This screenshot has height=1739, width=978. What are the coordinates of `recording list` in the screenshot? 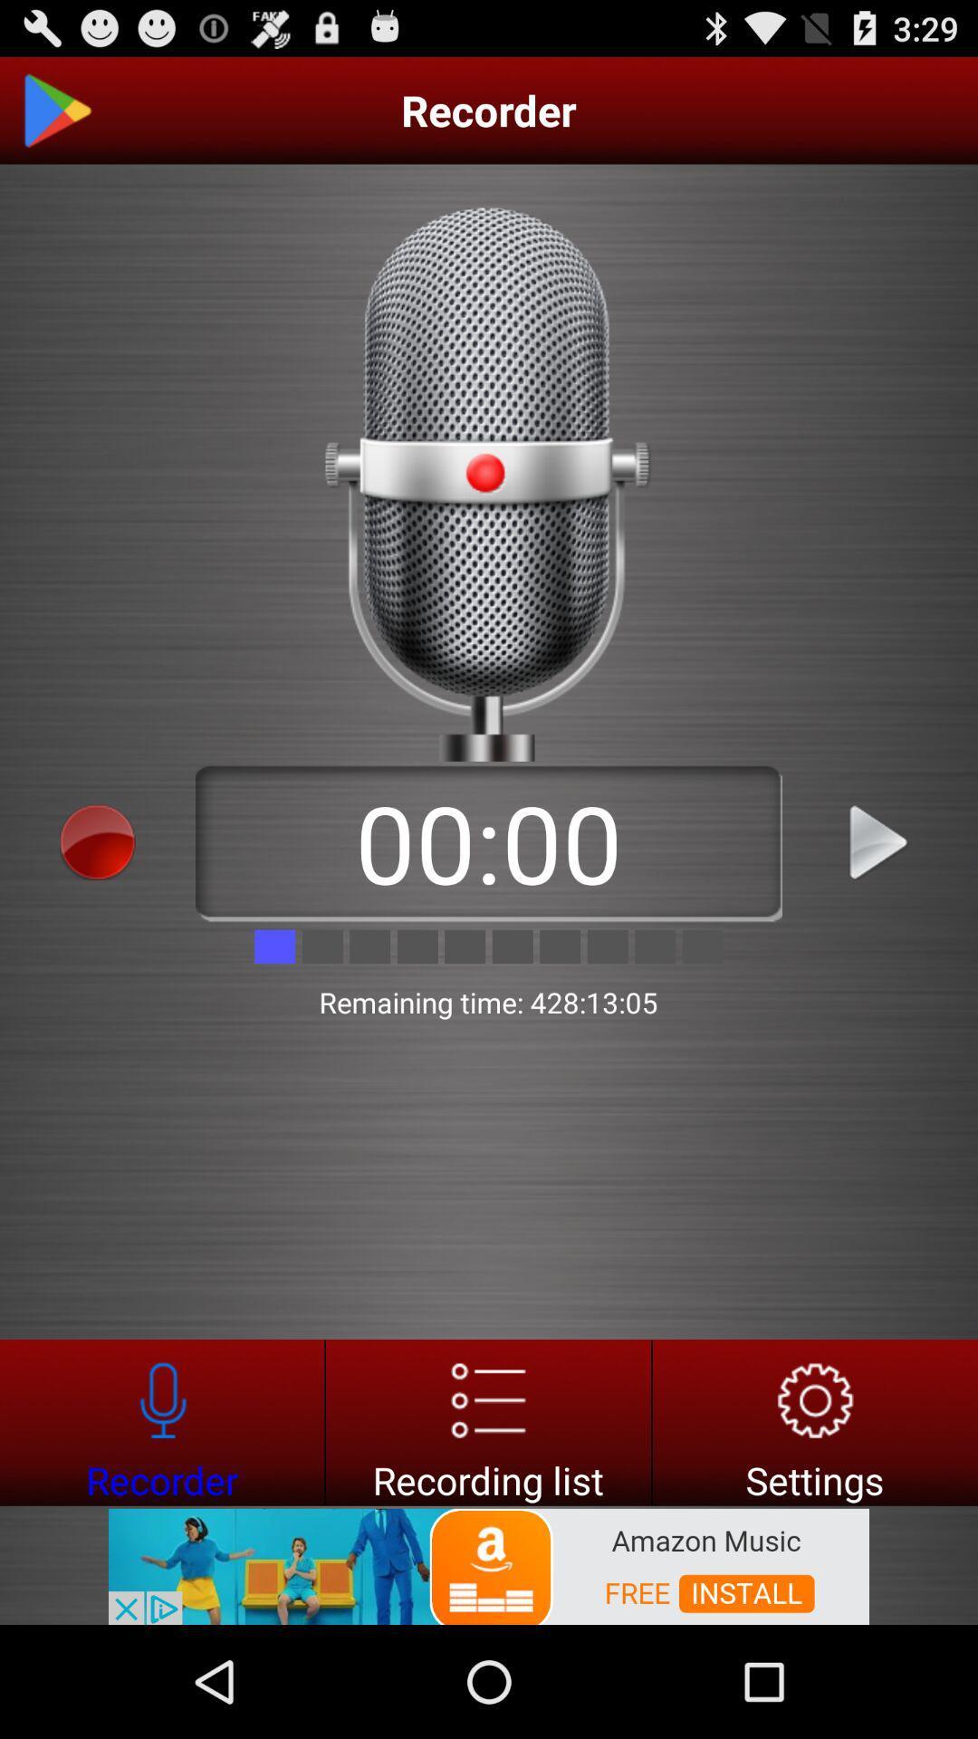 It's located at (487, 1421).